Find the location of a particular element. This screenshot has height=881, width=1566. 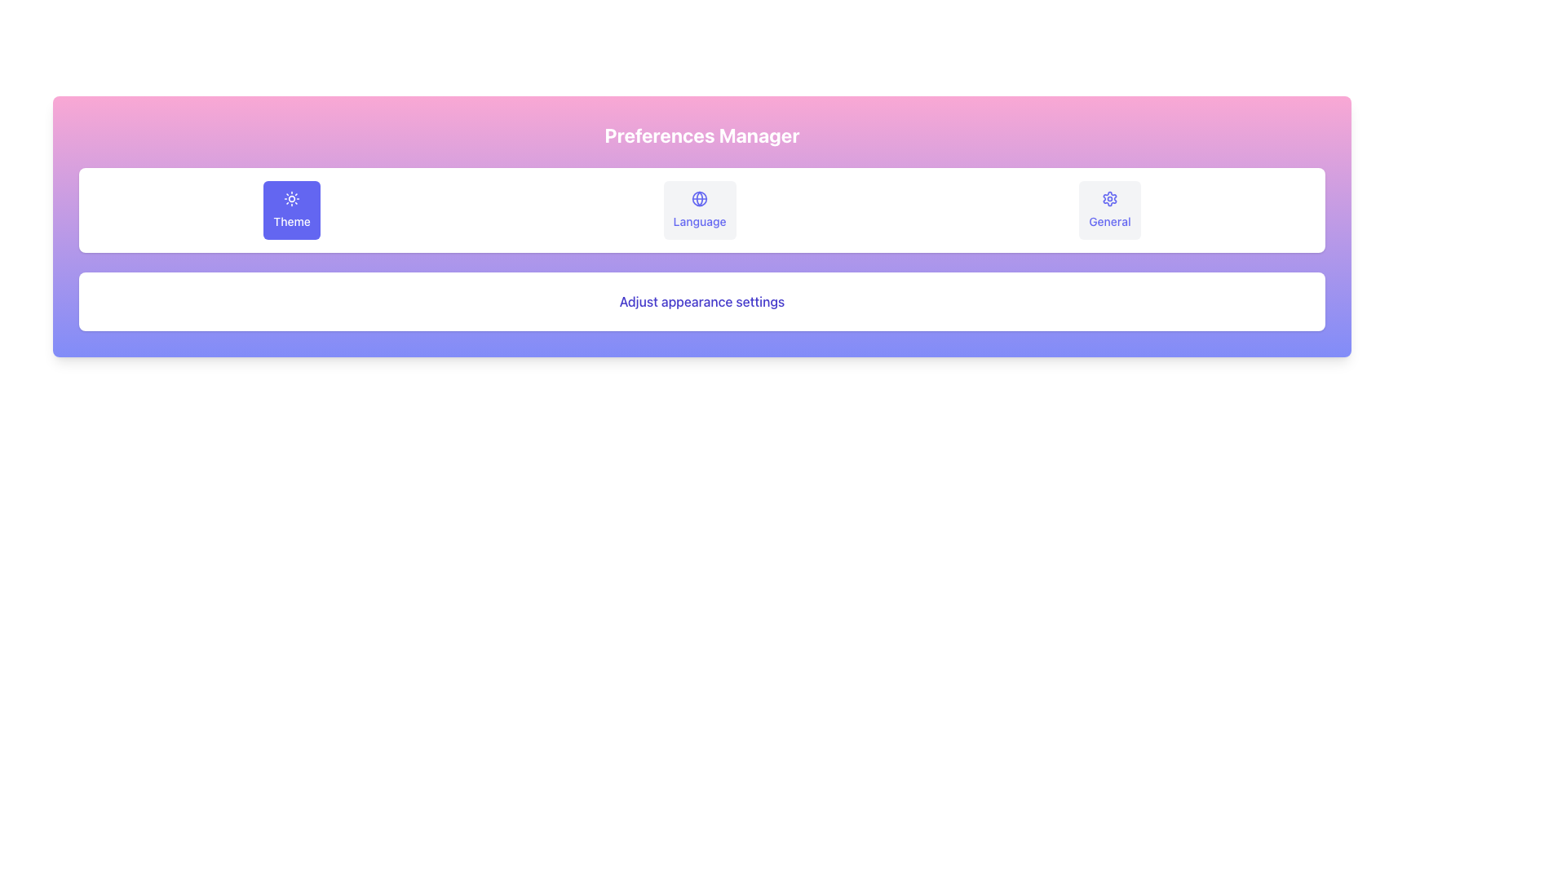

the globe icon within the 'Language' button, which is centrally located under the 'Preferences Manager' header is located at coordinates (700, 197).